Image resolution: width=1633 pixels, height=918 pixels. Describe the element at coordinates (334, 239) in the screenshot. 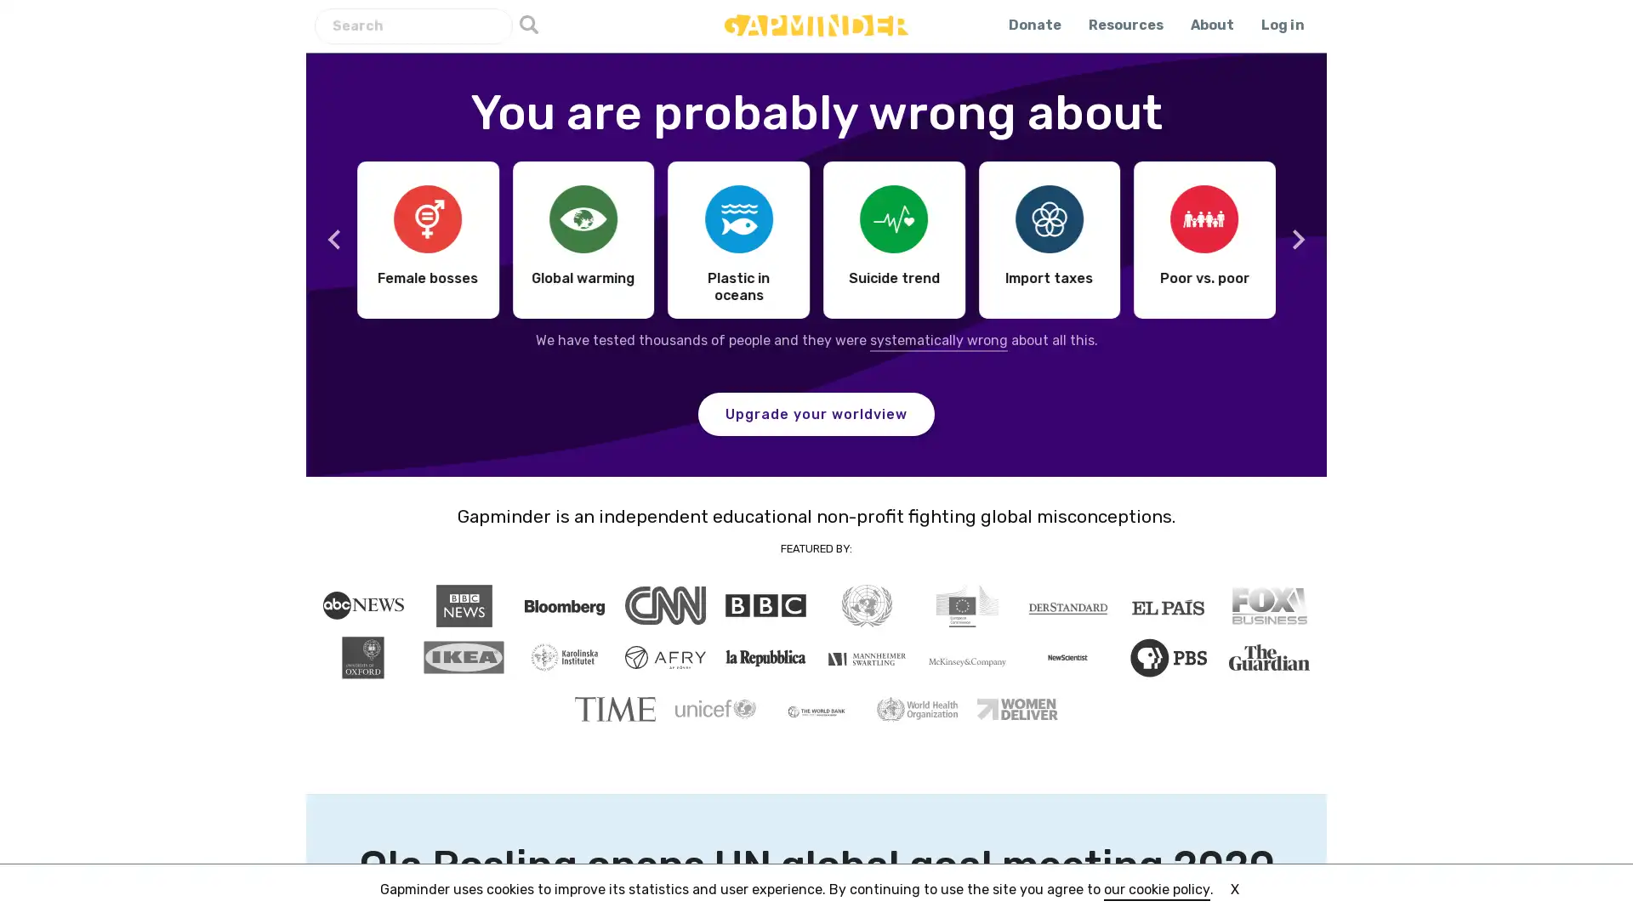

I see `Go to last slide` at that location.